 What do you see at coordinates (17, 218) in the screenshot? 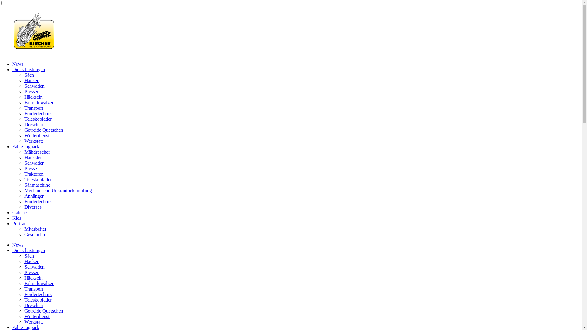
I see `'Kids'` at bounding box center [17, 218].